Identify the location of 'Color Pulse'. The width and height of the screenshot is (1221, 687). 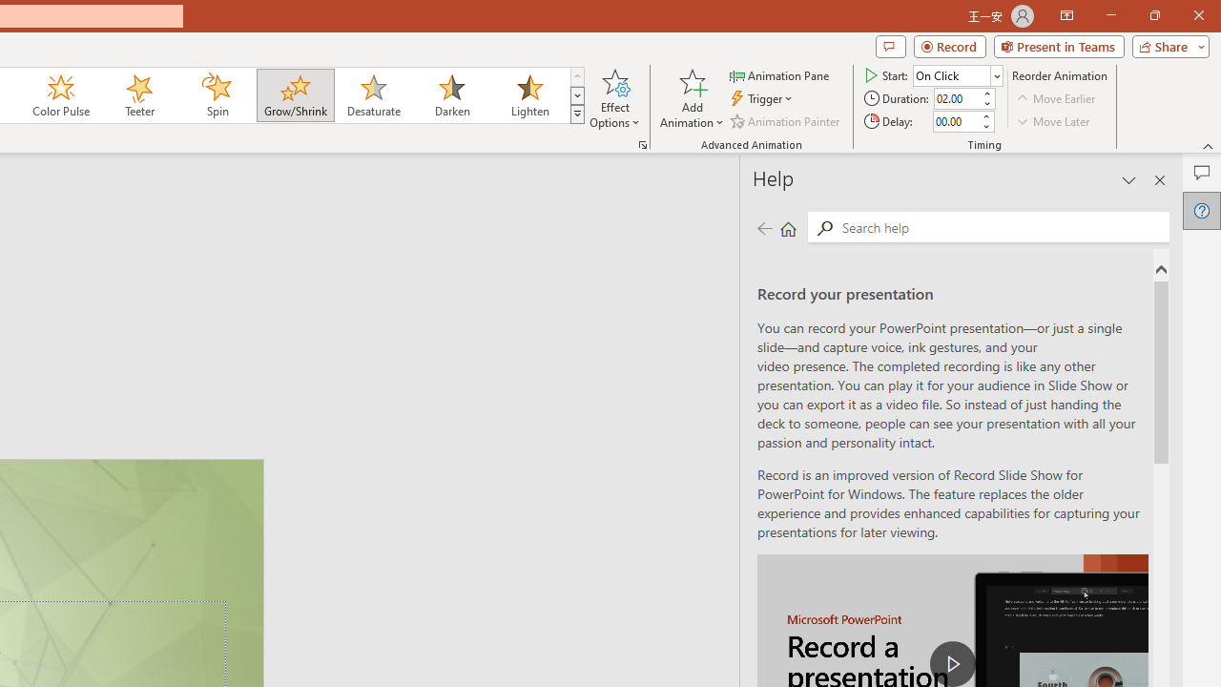
(61, 95).